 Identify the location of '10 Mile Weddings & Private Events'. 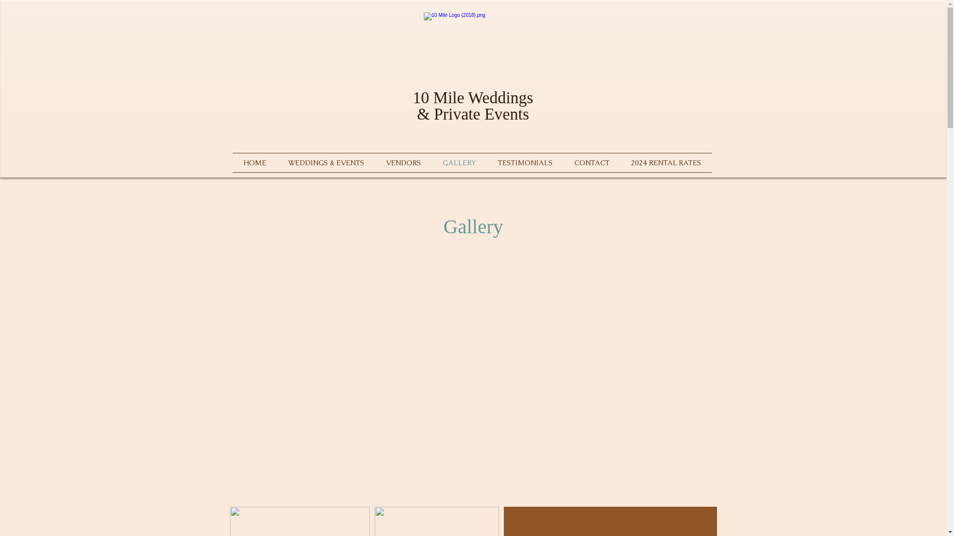
(412, 106).